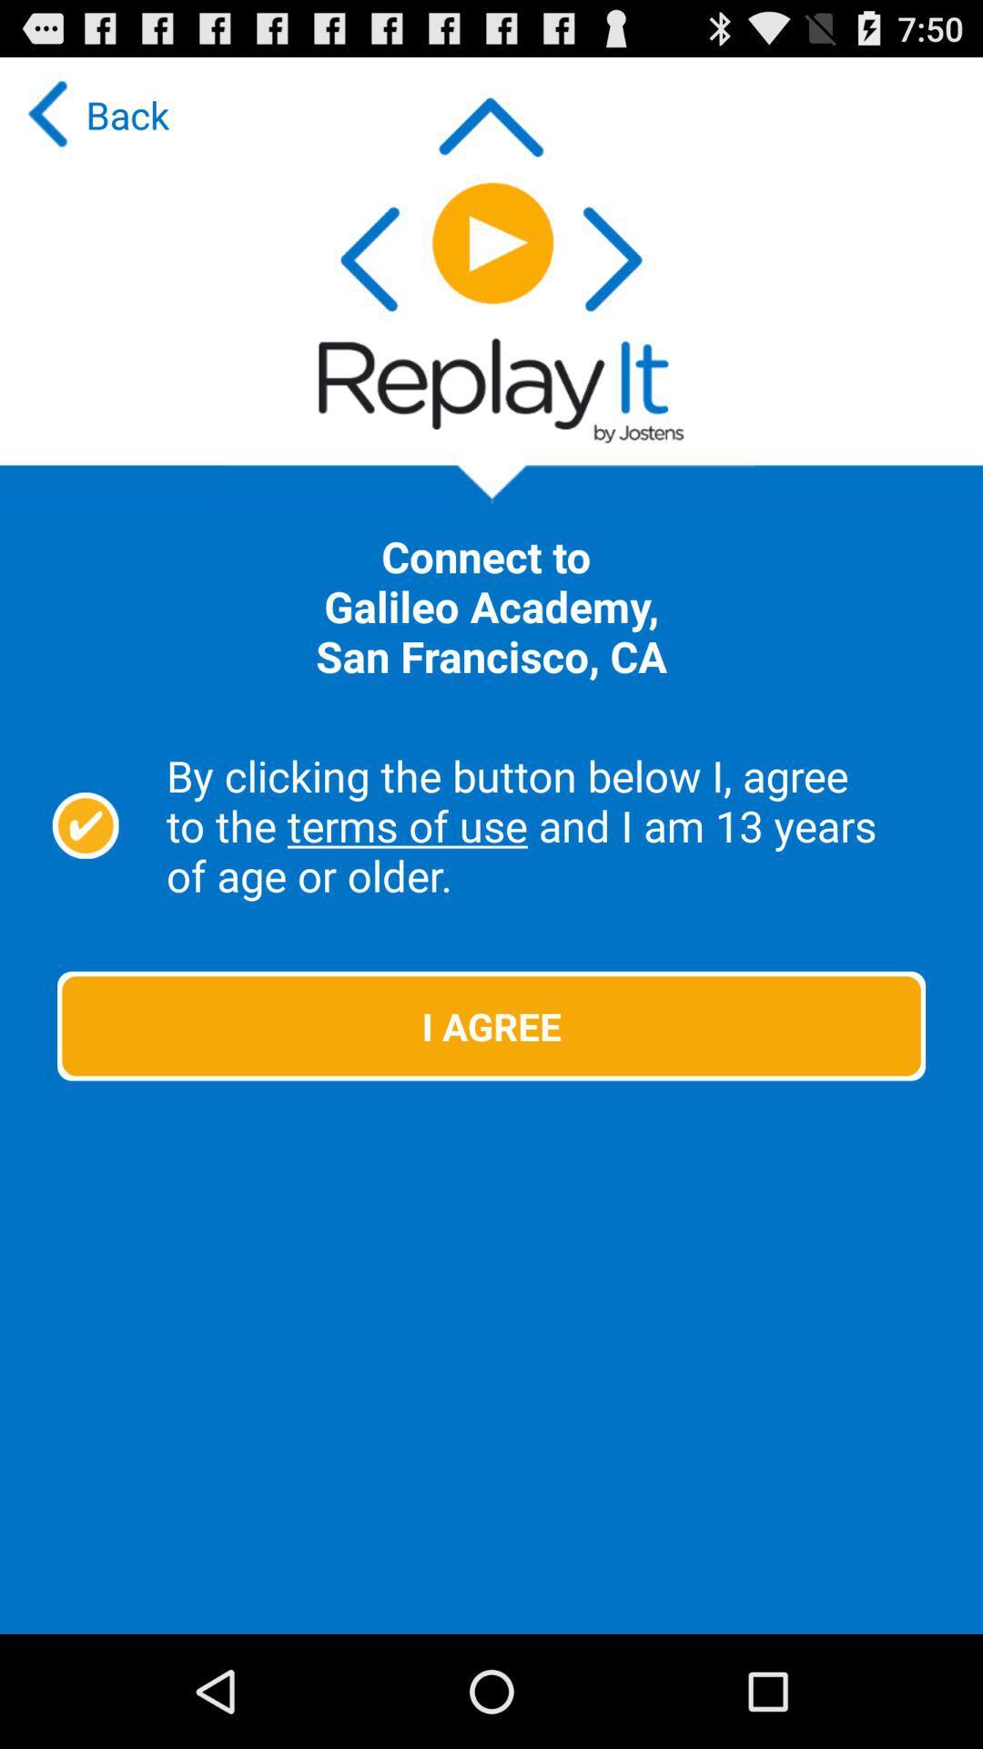 The image size is (983, 1749). I want to click on the by clicking the, so click(552, 824).